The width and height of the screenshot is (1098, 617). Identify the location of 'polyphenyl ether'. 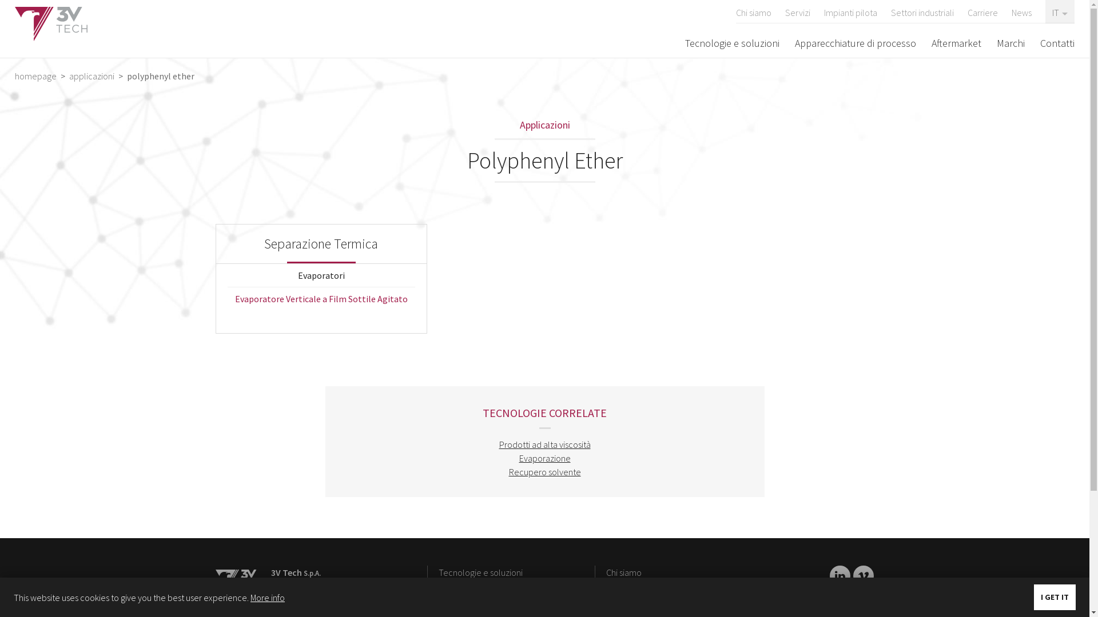
(158, 75).